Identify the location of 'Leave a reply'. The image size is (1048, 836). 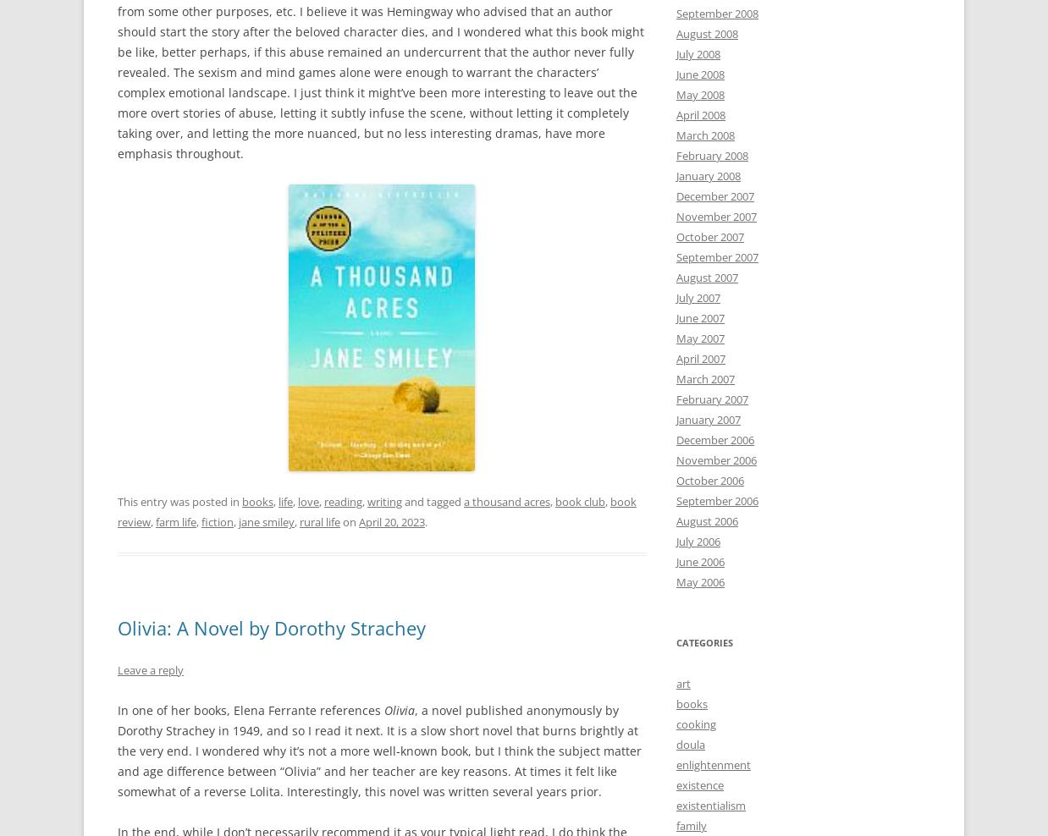
(151, 668).